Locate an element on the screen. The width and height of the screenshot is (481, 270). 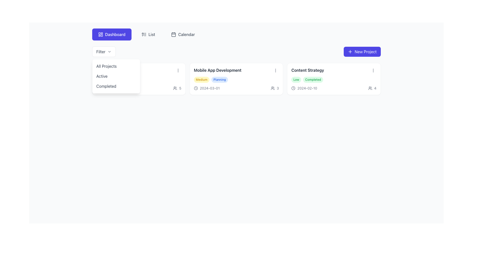
text content of the bold text element displaying the number '5', located in the bottom row of a card layout to the far right, adjacent to an icon representing a group of people is located at coordinates (180, 88).